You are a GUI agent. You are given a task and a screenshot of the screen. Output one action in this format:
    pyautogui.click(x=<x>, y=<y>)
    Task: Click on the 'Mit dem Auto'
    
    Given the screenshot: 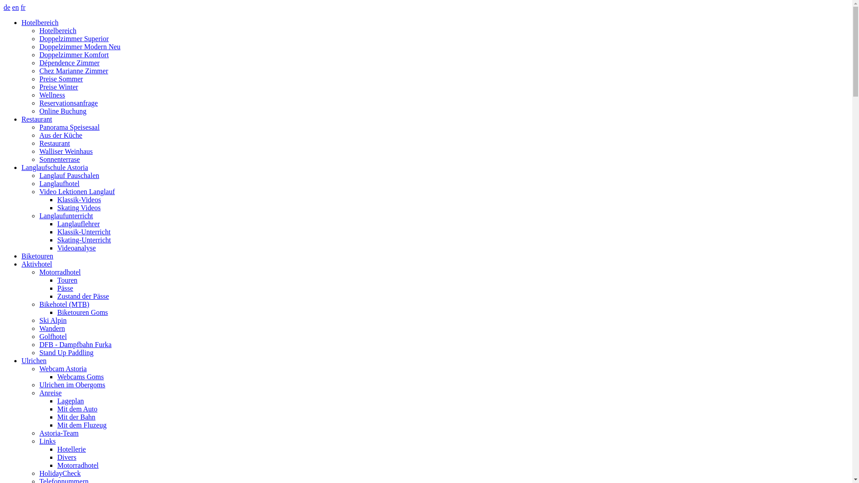 What is the action you would take?
    pyautogui.click(x=57, y=409)
    